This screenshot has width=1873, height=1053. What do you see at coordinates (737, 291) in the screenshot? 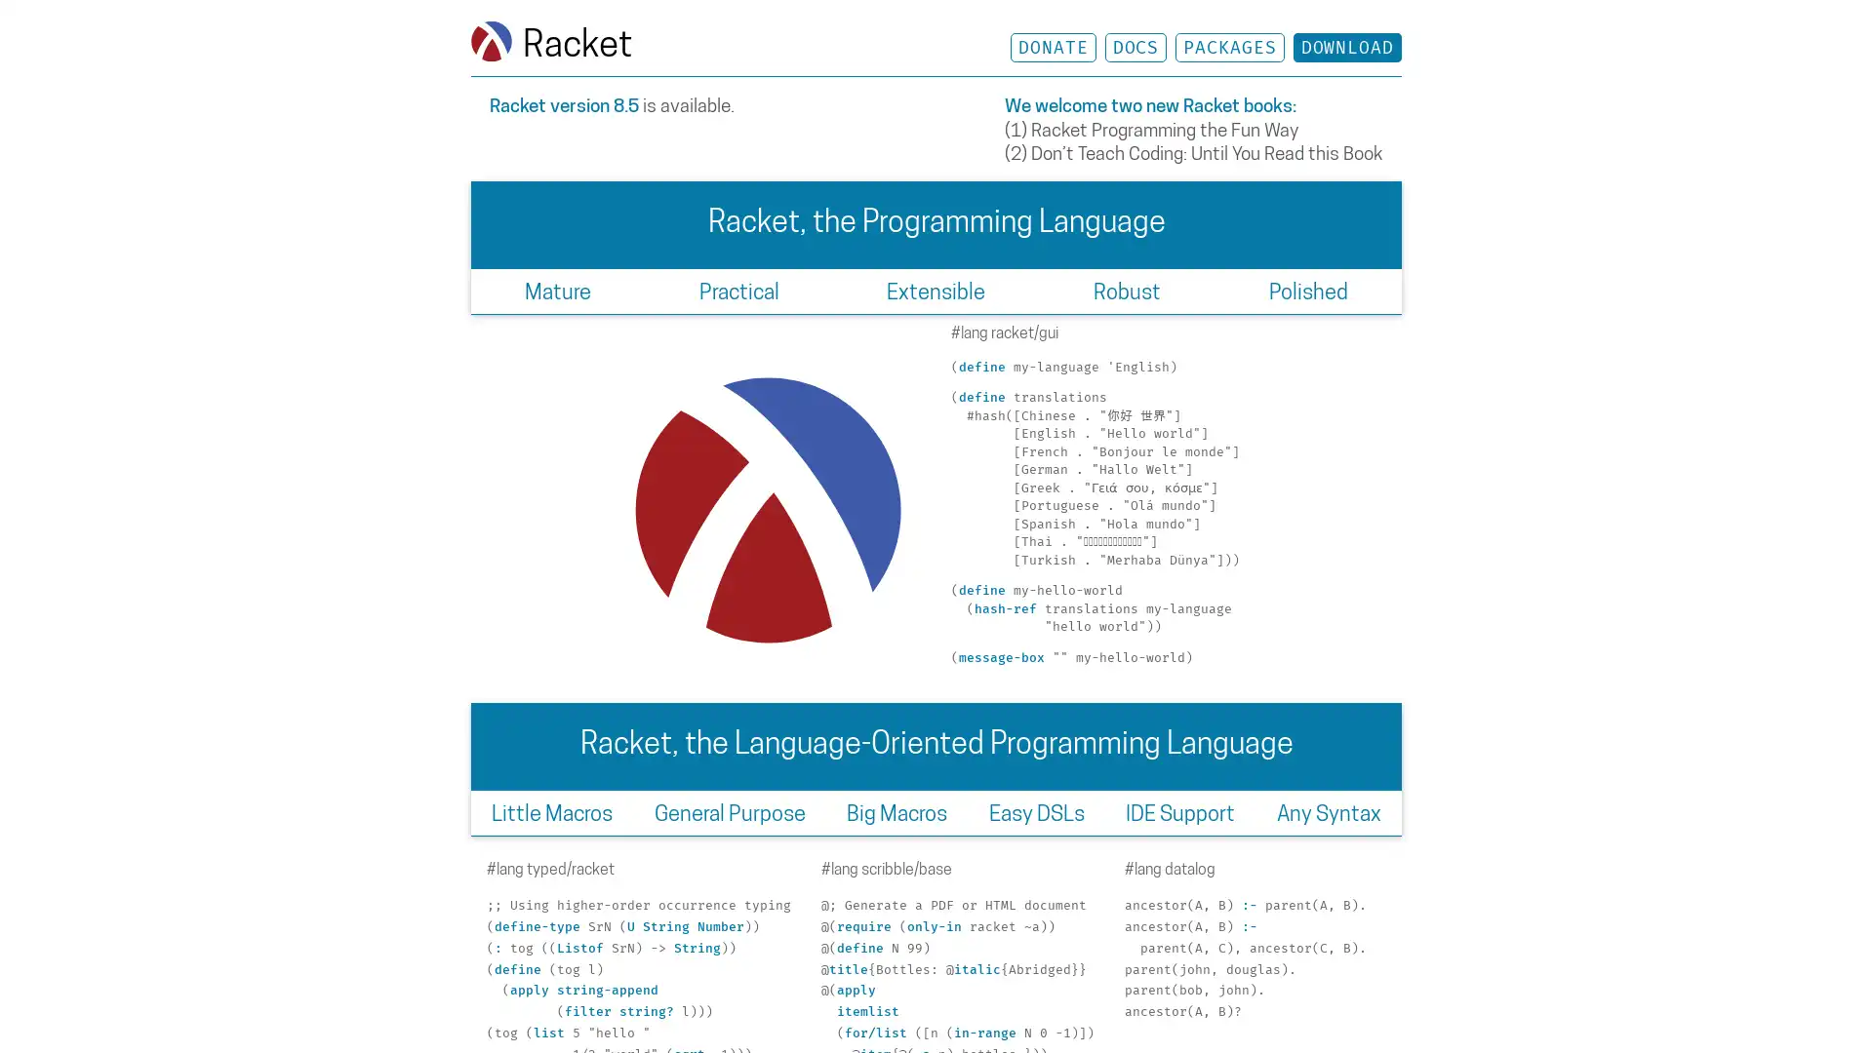
I see `Practical` at bounding box center [737, 291].